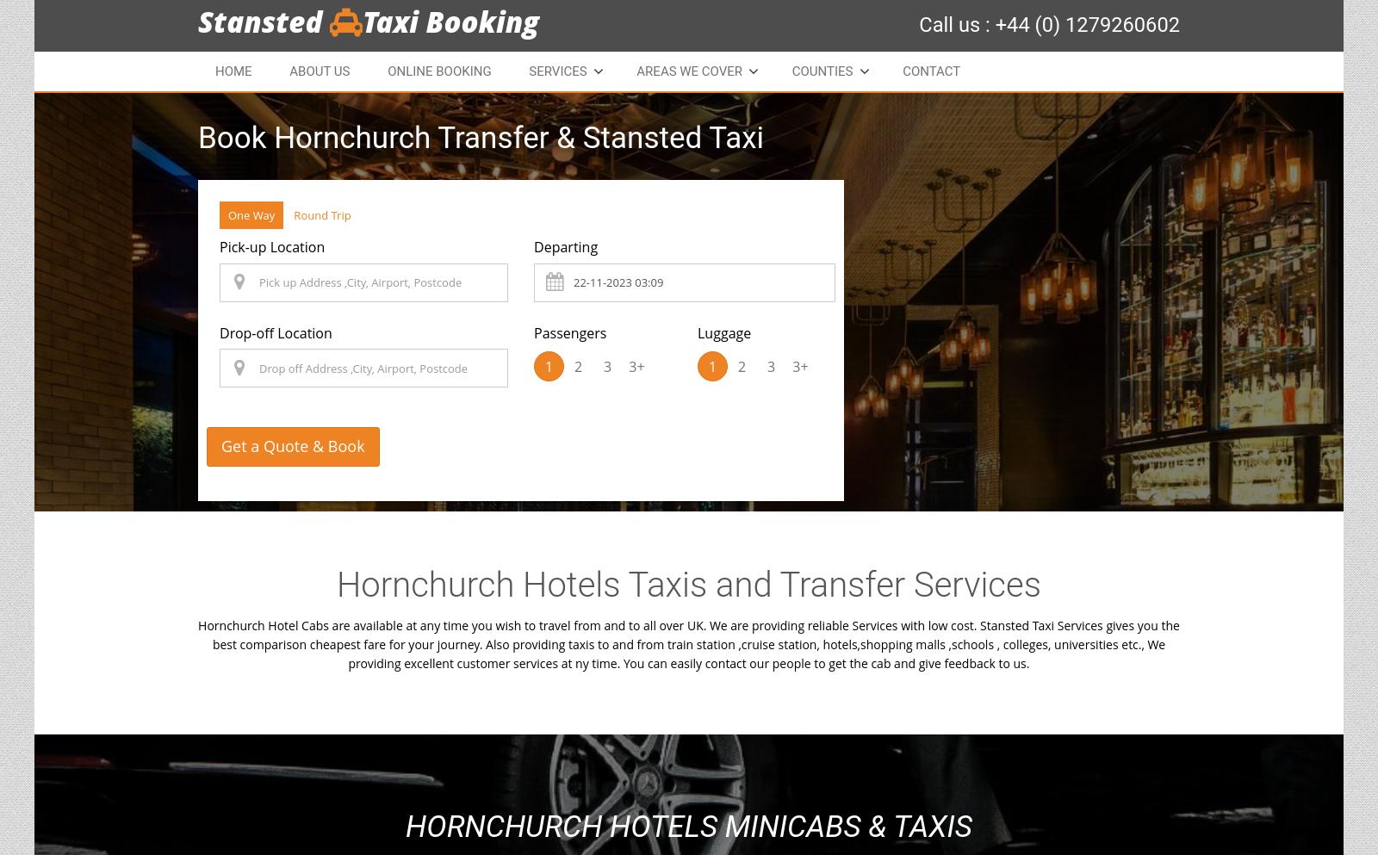 The width and height of the screenshot is (1378, 855). I want to click on 'Call us : +44 (0) 1279260602', so click(1048, 23).